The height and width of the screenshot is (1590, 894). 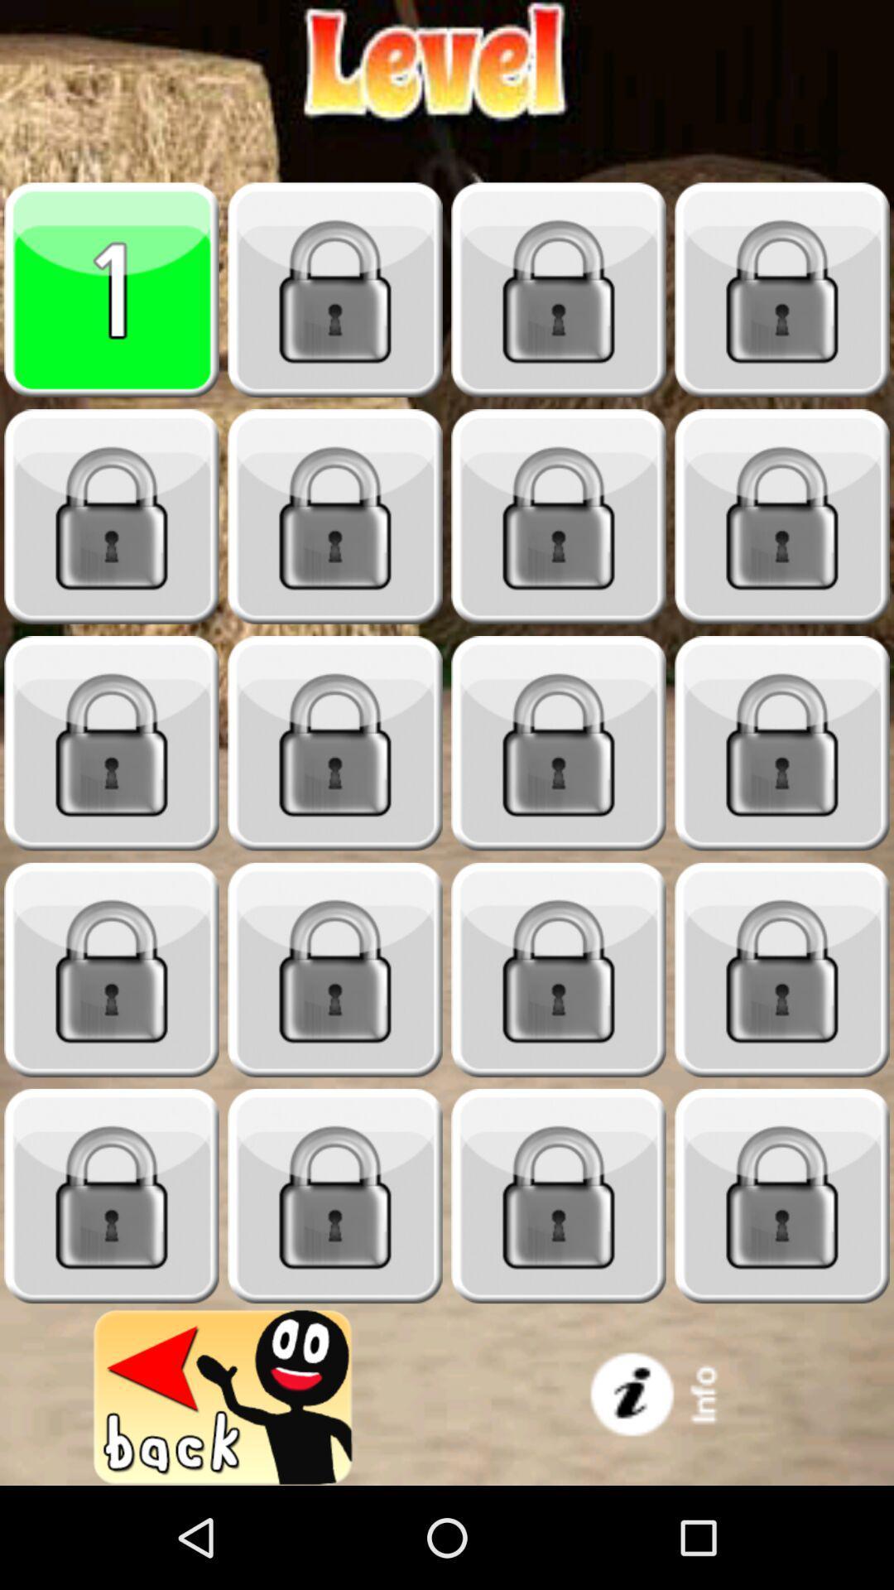 I want to click on locked box, so click(x=559, y=516).